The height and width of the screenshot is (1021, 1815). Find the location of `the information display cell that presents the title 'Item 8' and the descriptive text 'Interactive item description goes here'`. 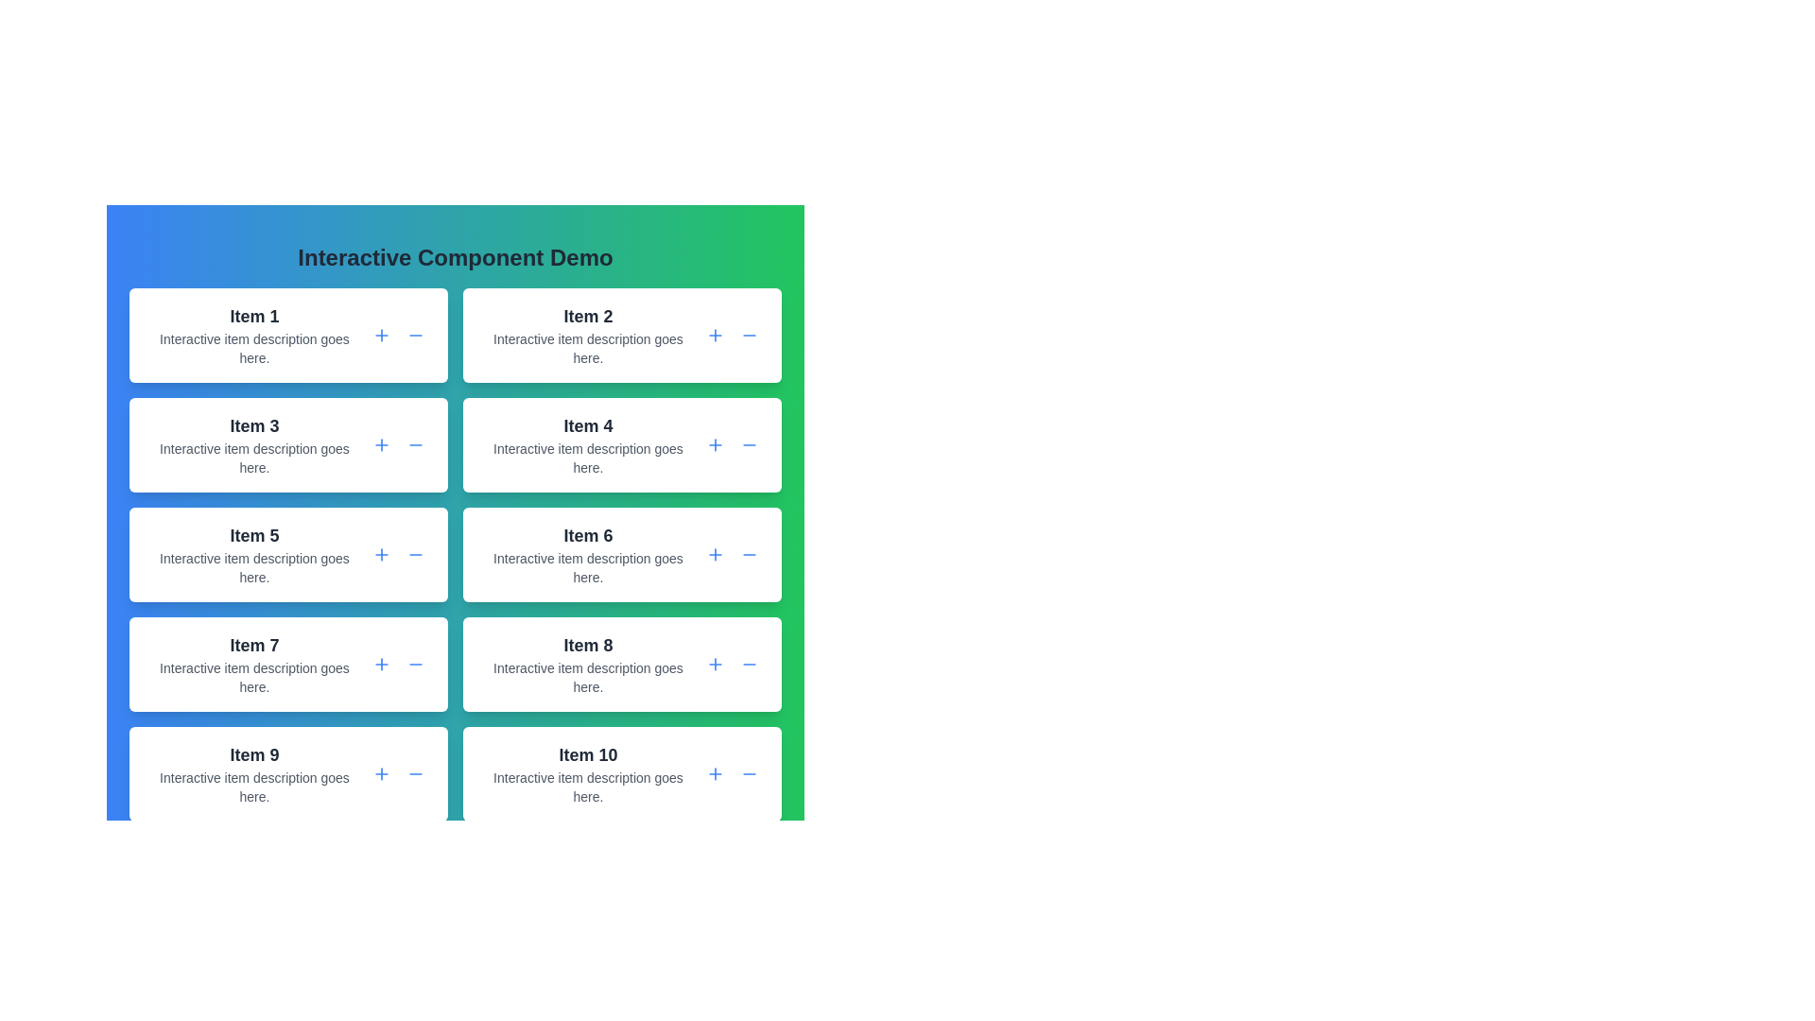

the information display cell that presents the title 'Item 8' and the descriptive text 'Interactive item description goes here' is located at coordinates (587, 663).